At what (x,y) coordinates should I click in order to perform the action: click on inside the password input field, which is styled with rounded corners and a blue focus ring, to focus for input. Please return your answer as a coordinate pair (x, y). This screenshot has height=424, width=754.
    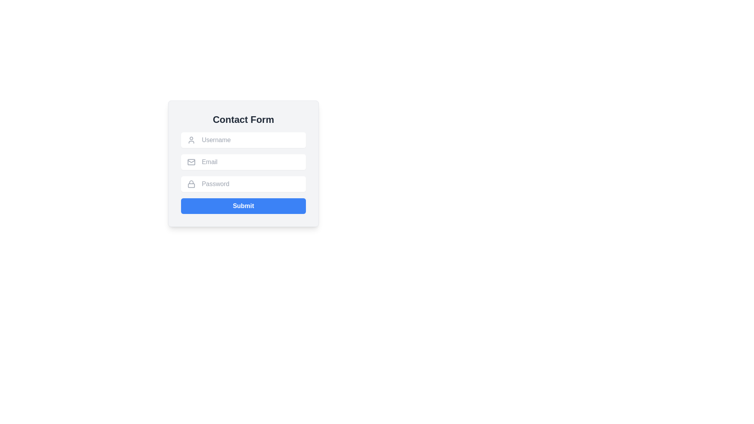
    Looking at the image, I should click on (250, 184).